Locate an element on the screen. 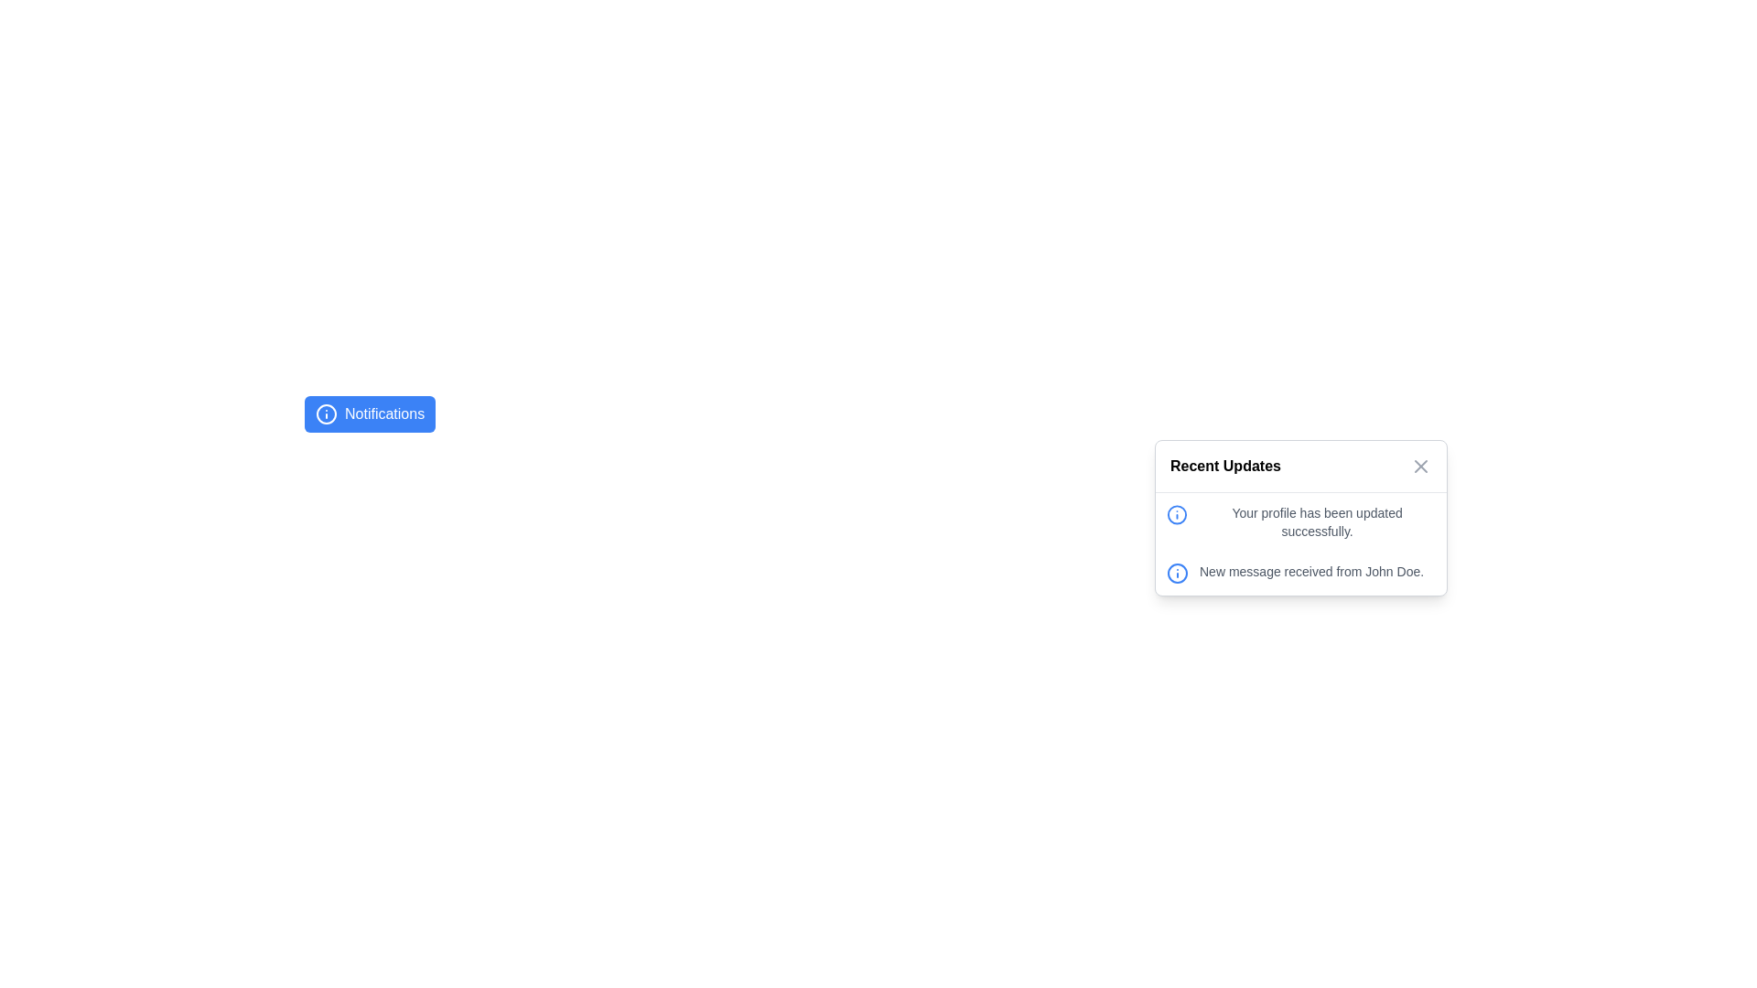  the Text block with an icon that informs the user about a new message from John Doe, located under the 'Recent Updates' header is located at coordinates (1299, 573).